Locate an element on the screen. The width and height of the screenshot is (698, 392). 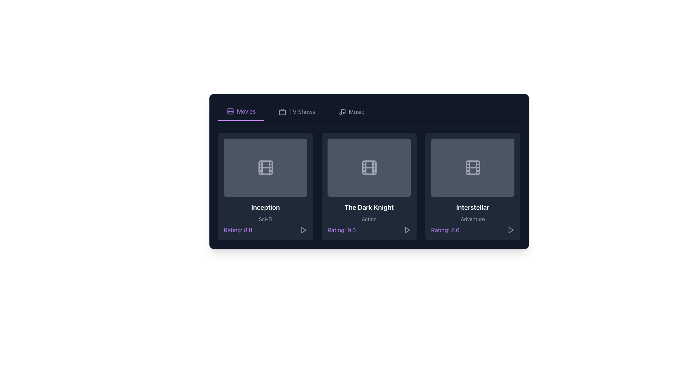
the 'TV Shows' navigation tab to switch to the TV Shows view is located at coordinates (297, 112).